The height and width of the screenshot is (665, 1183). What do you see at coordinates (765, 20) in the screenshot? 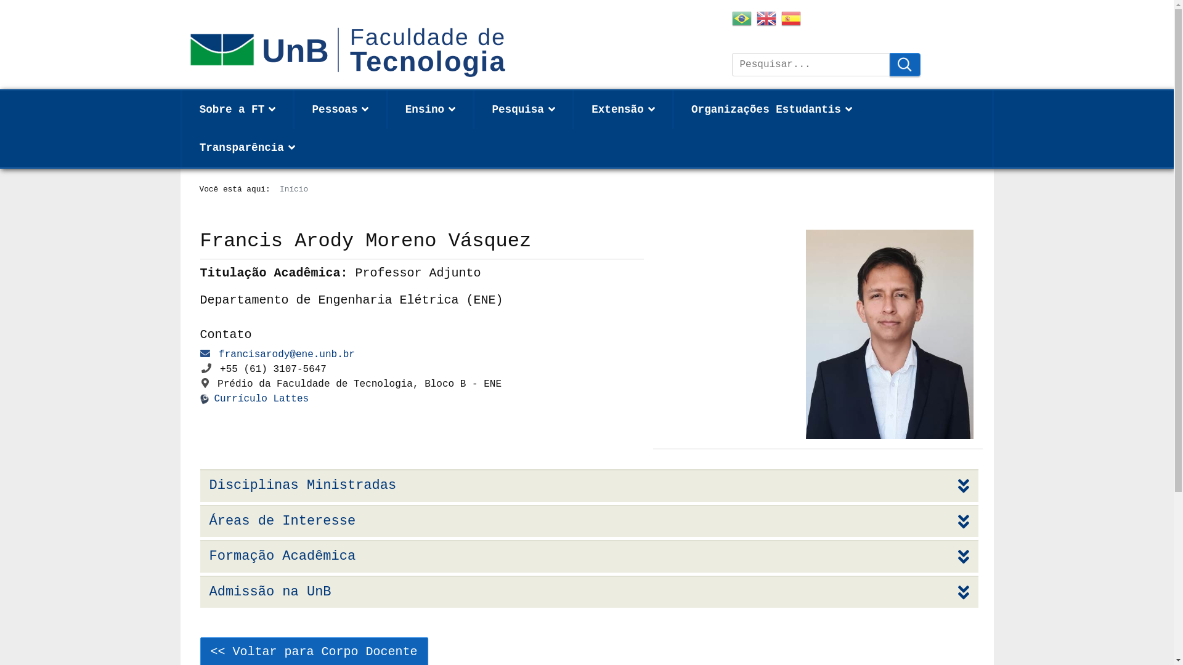
I see `'English'` at bounding box center [765, 20].